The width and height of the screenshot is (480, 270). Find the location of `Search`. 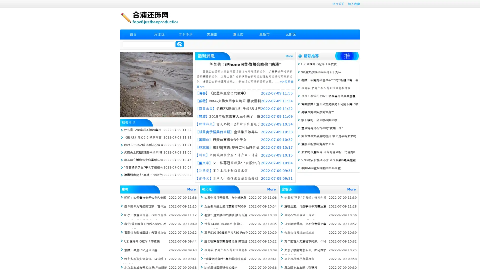

Search is located at coordinates (179, 44).